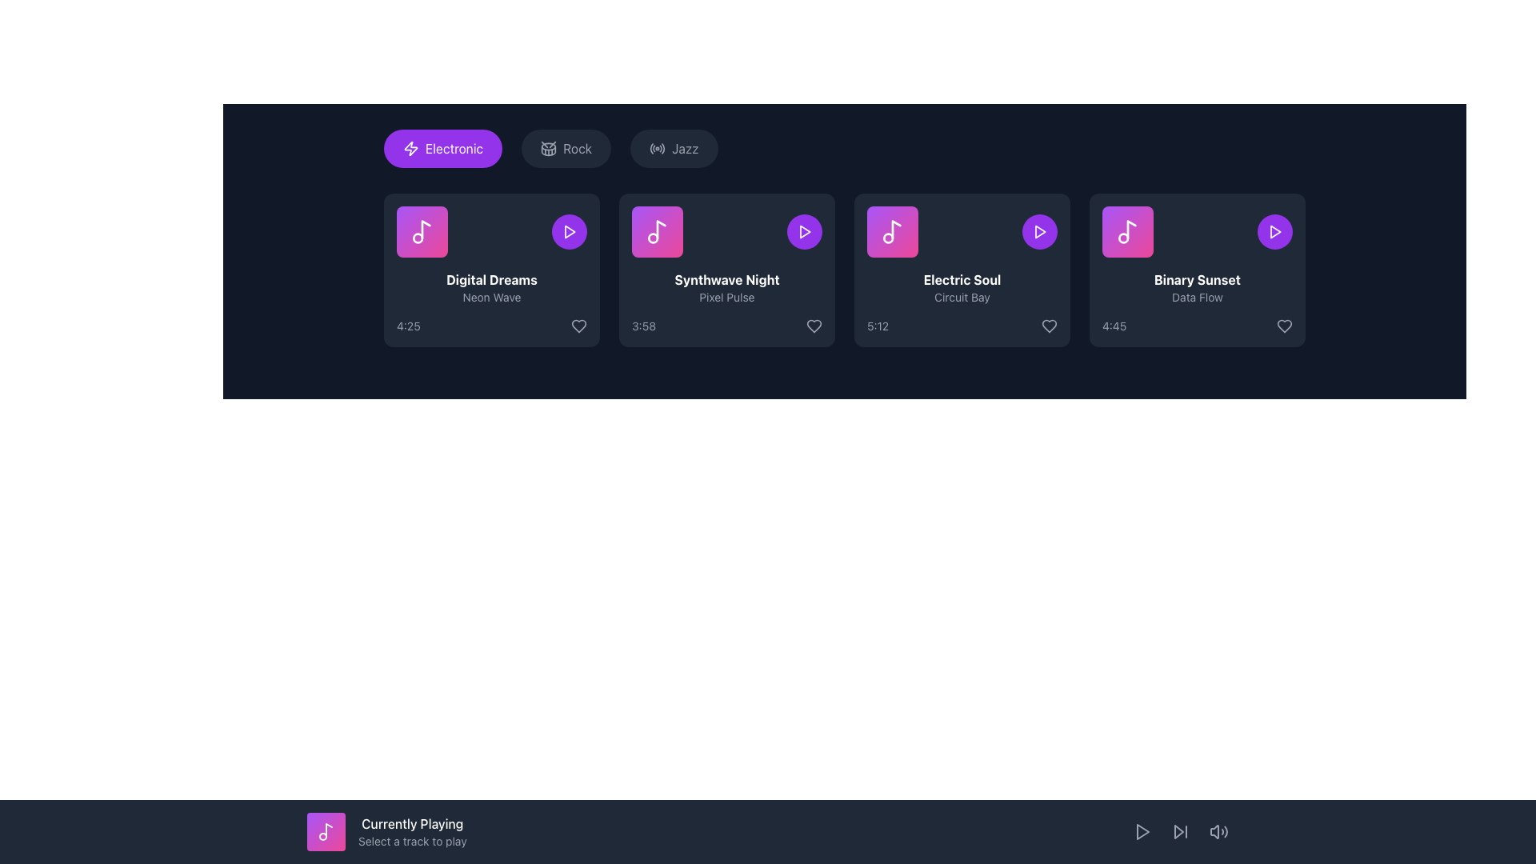  I want to click on the Information Card representing the music track selection, which is the second card in a grid layout, so click(726, 270).